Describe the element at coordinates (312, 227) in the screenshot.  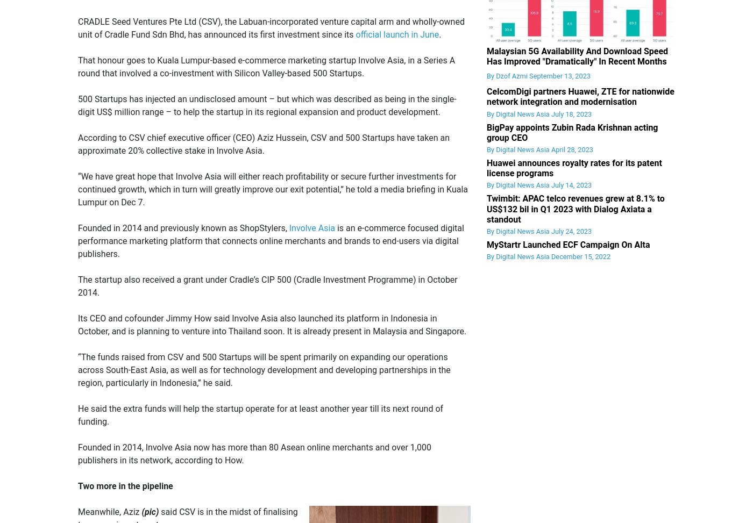
I see `'Involve Asia'` at that location.